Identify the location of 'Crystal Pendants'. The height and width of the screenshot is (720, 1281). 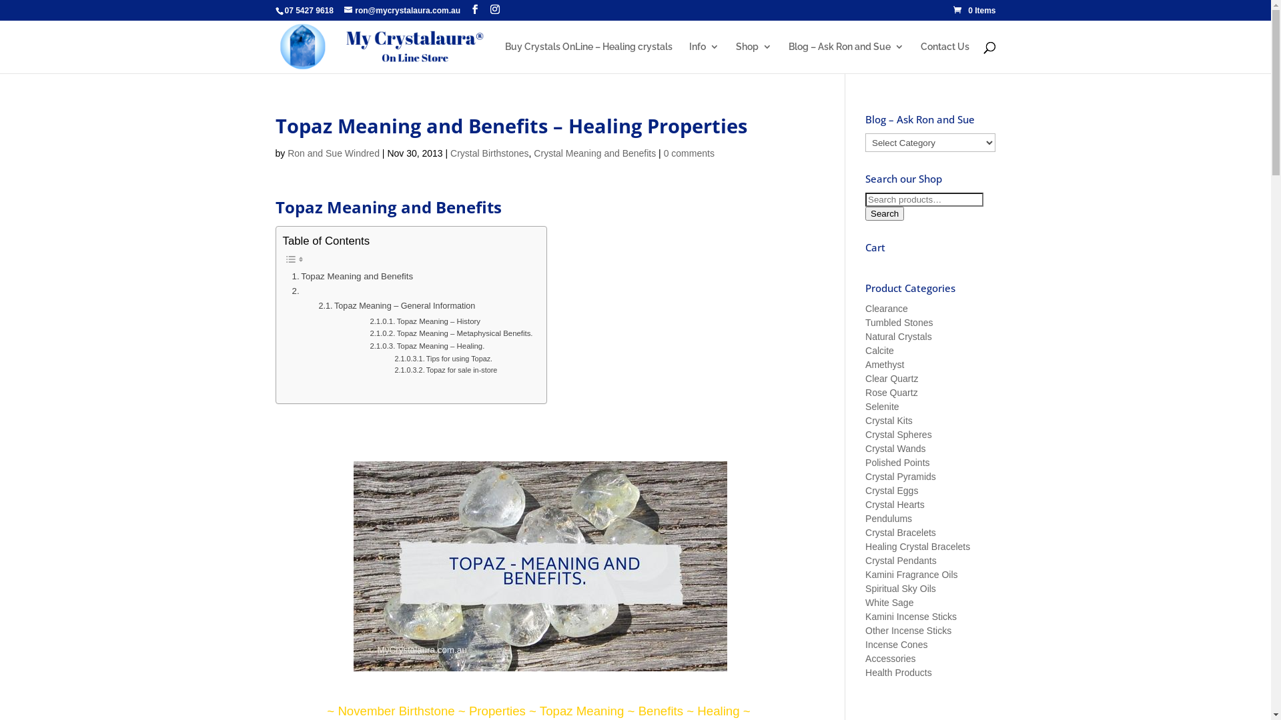
(901, 560).